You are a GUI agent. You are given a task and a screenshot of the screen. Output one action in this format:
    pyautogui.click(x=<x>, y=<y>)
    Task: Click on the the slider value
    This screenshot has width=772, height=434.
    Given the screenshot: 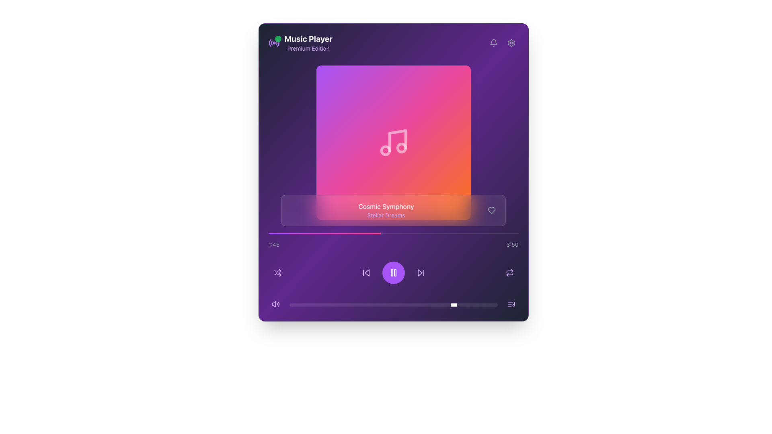 What is the action you would take?
    pyautogui.click(x=343, y=305)
    